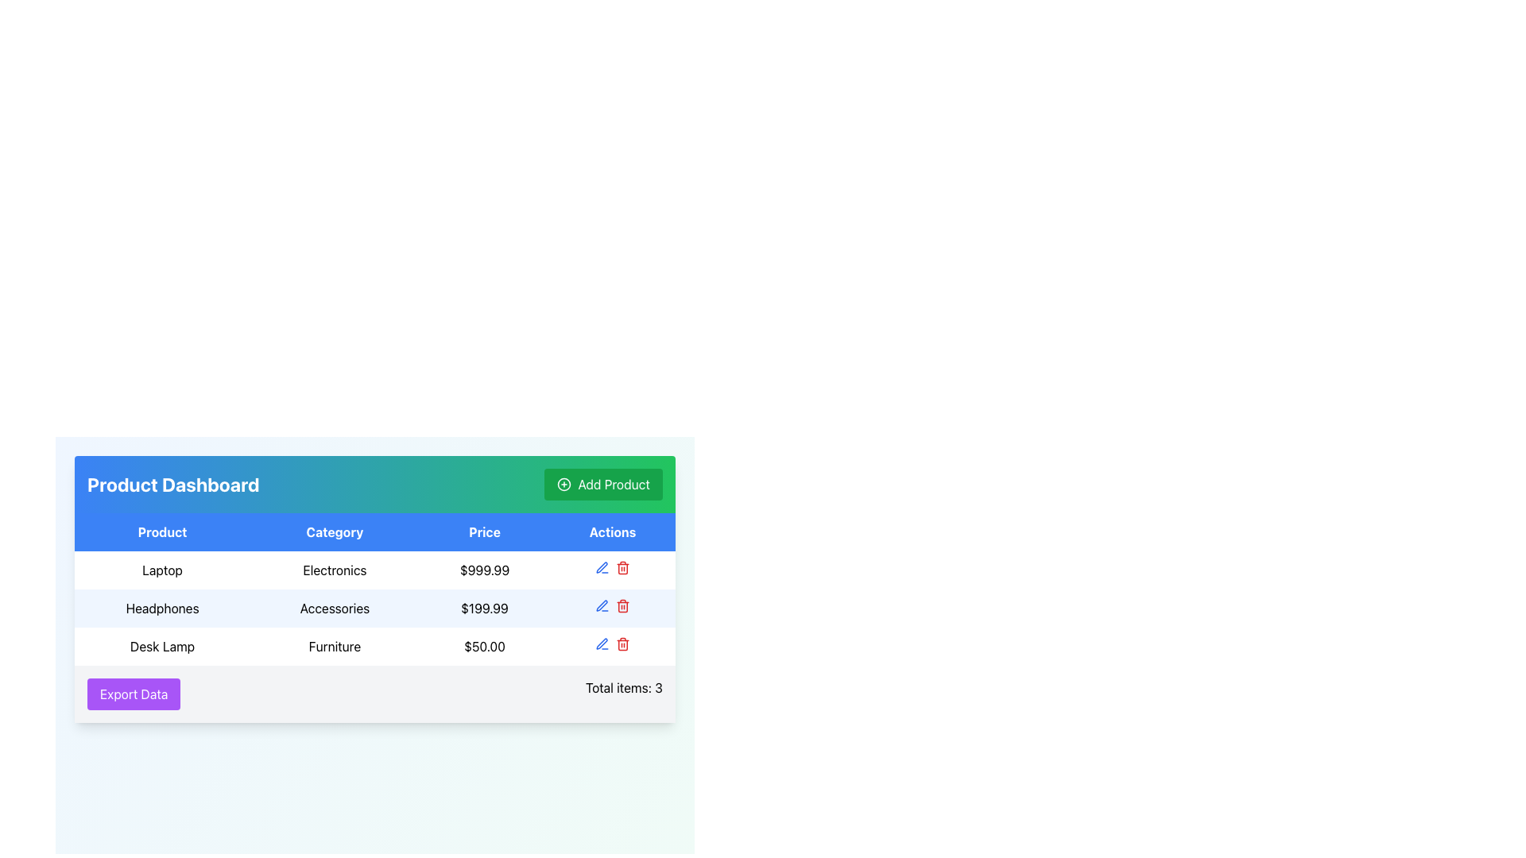  What do you see at coordinates (601, 566) in the screenshot?
I see `the edit icon located in the 'Actions' column of the second row corresponding to the 'Headphones' product entry to initiate editing` at bounding box center [601, 566].